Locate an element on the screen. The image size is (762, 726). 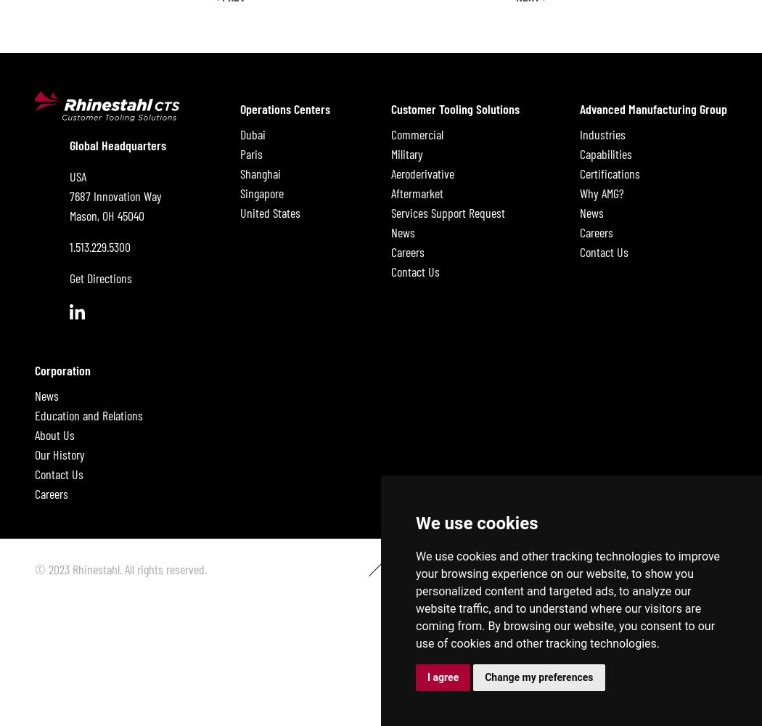
'Our History' is located at coordinates (33, 454).